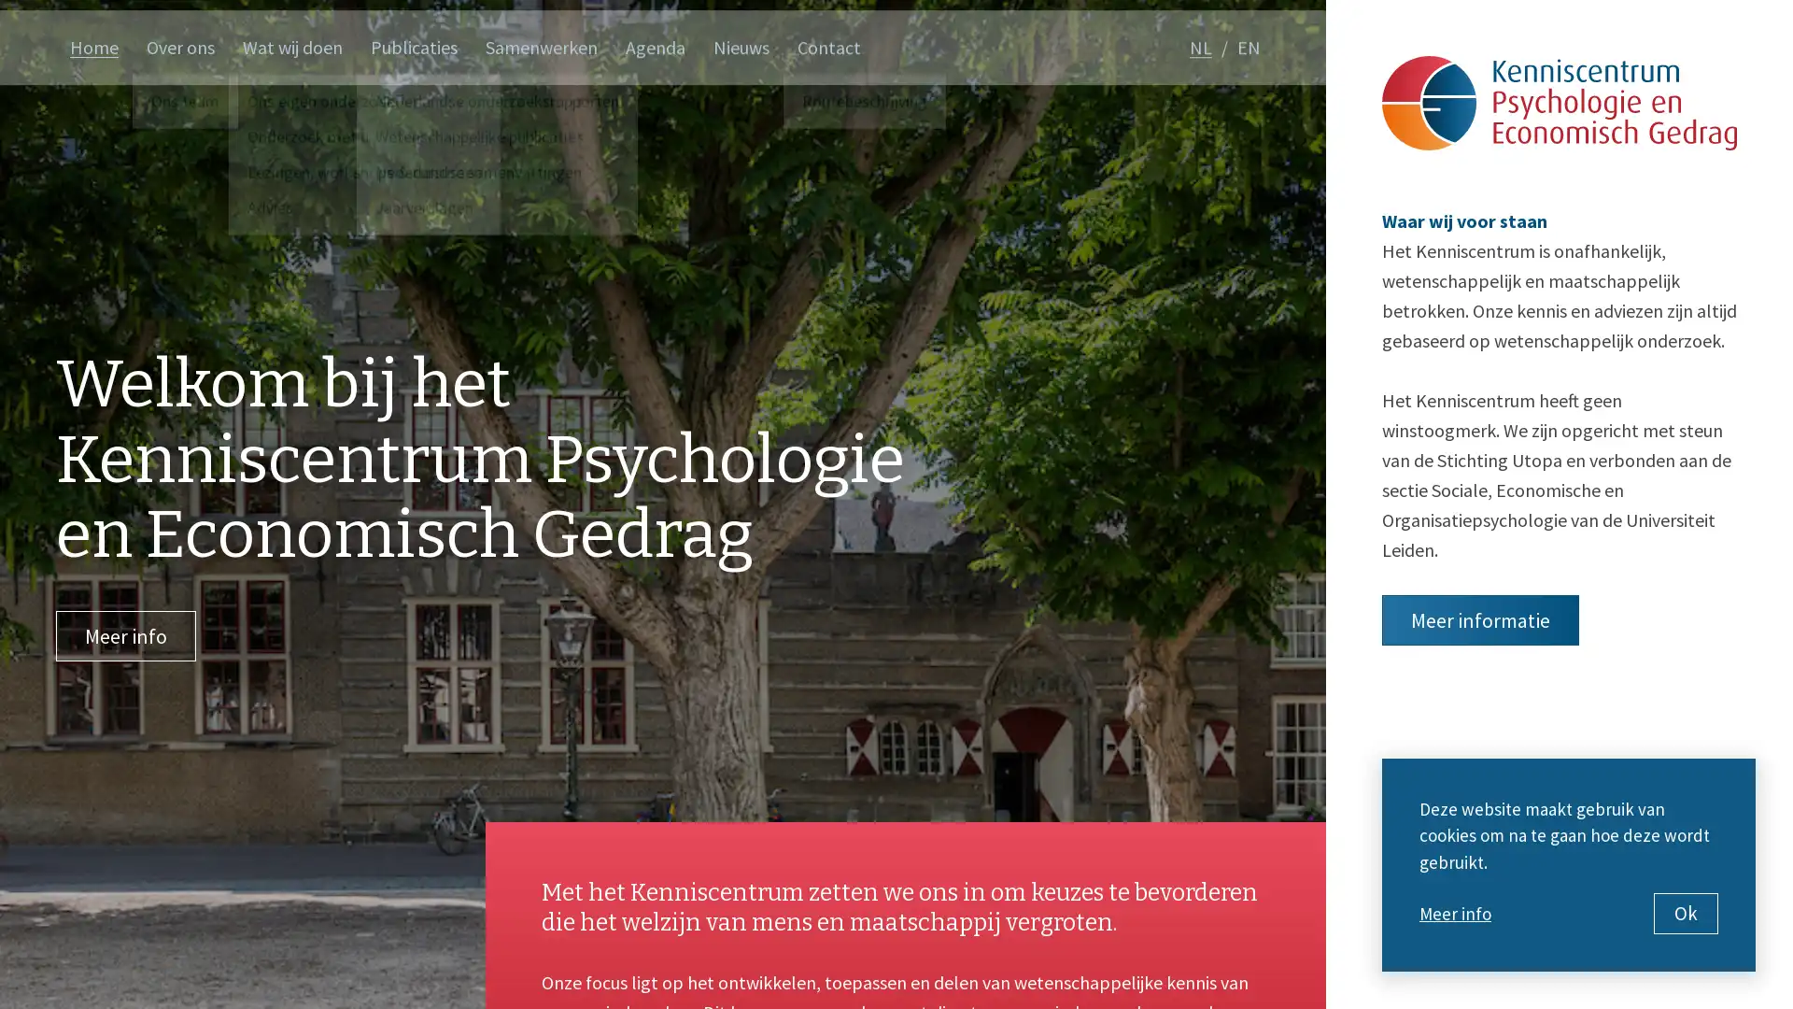  What do you see at coordinates (1686, 913) in the screenshot?
I see `Ok` at bounding box center [1686, 913].